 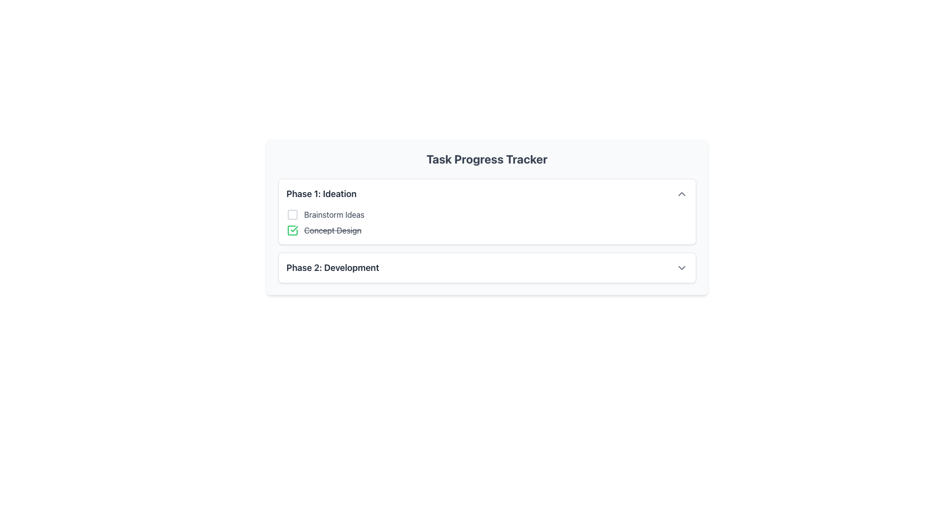 I want to click on the visual feedback of the green checkmark symbol within the SVG-based icon located in the 'Phase 1: Ideation' section, which is right-aligned to the text 'Concept Design', so click(x=293, y=229).